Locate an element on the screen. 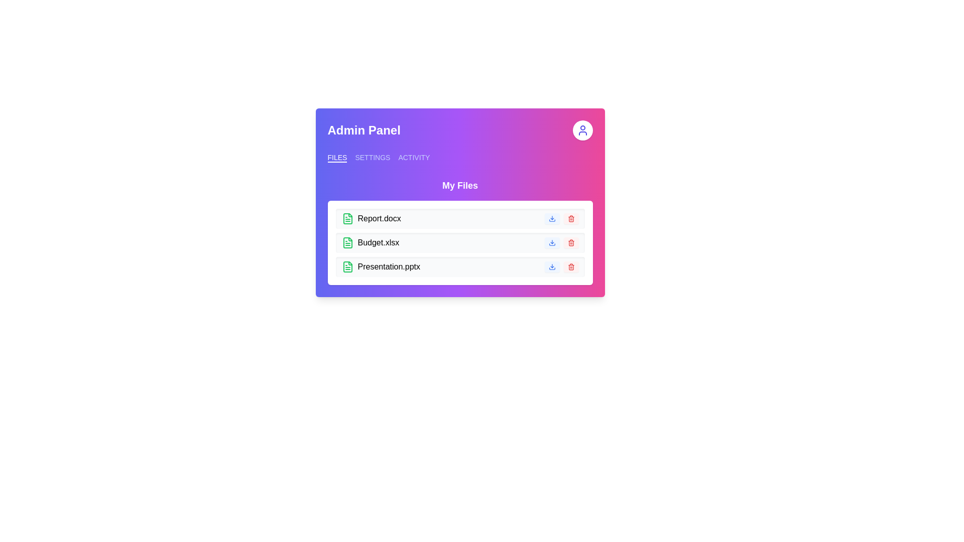  the downward-pointing arrow icon within the download button associated with the file 'Budget.xlsx' is located at coordinates (551, 242).